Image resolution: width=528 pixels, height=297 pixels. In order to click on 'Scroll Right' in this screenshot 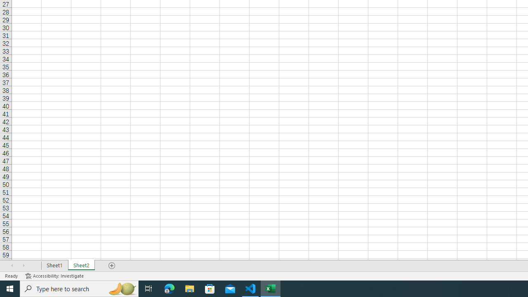, I will do `click(24, 266)`.